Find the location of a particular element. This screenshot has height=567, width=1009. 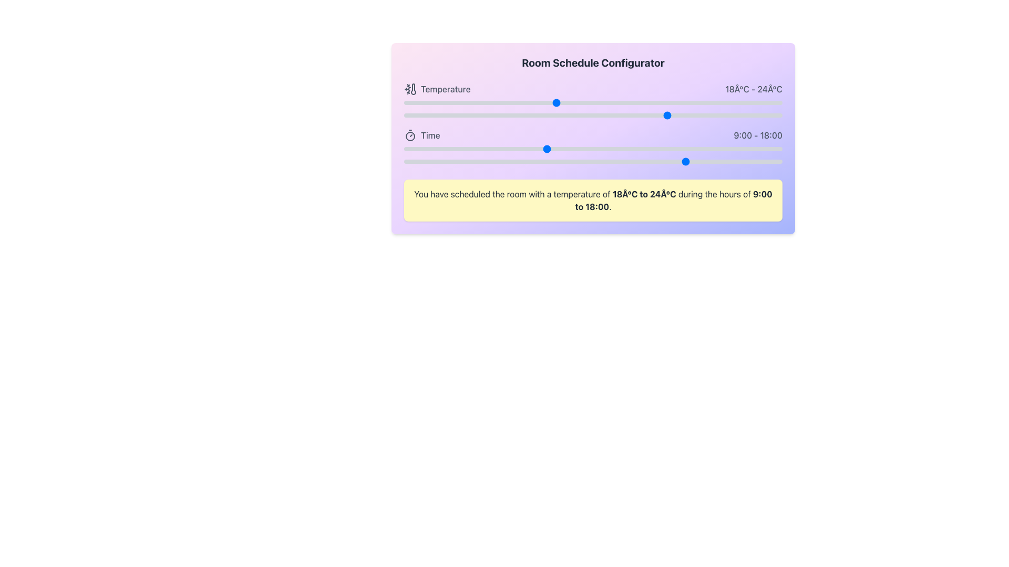

the slider value is located at coordinates (461, 115).